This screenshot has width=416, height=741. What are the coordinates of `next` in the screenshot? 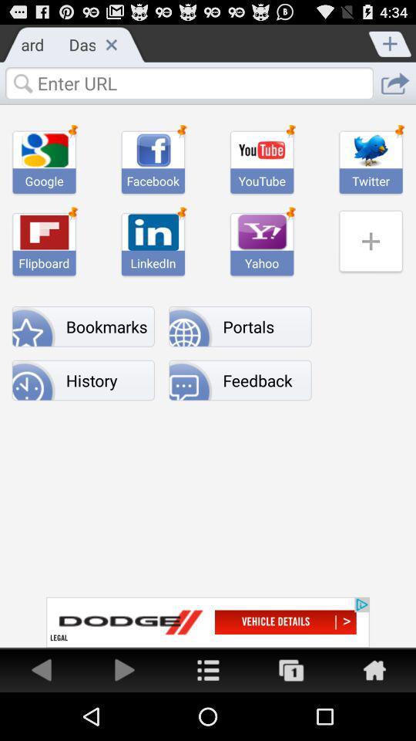 It's located at (124, 668).